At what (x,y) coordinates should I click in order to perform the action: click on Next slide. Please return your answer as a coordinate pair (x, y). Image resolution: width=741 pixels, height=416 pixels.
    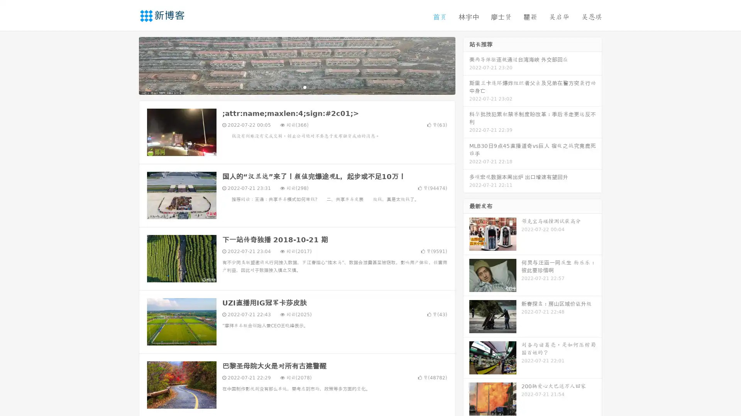
    Looking at the image, I should click on (466, 65).